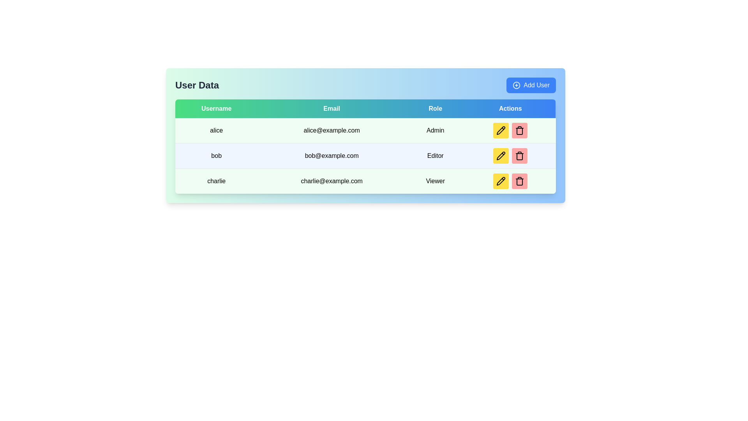 The image size is (748, 421). Describe the element at coordinates (520, 130) in the screenshot. I see `the delete button in the 'Actions' column of the table` at that location.